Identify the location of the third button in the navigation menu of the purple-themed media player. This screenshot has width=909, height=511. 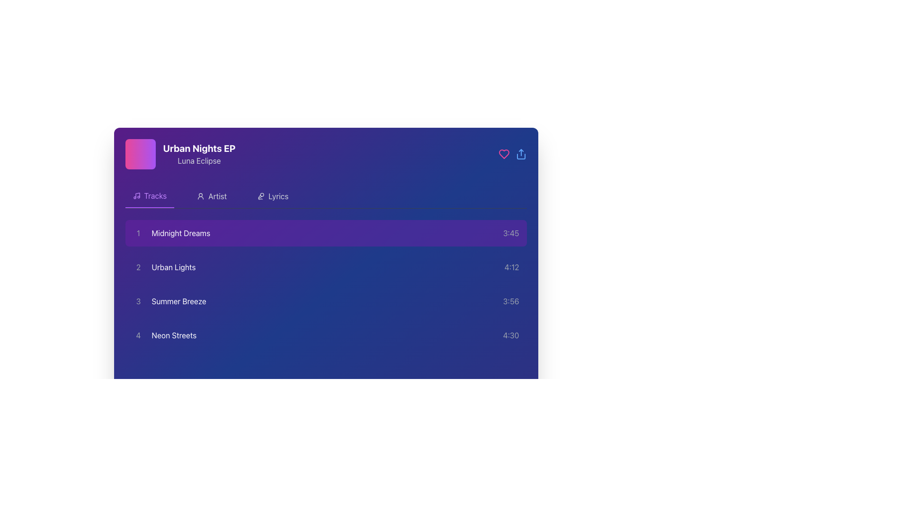
(272, 196).